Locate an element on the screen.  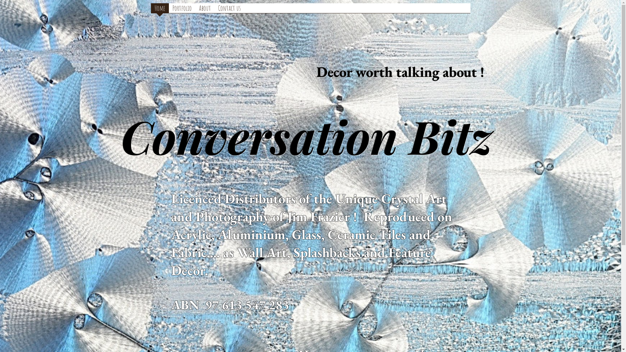
'About' is located at coordinates (204, 10).